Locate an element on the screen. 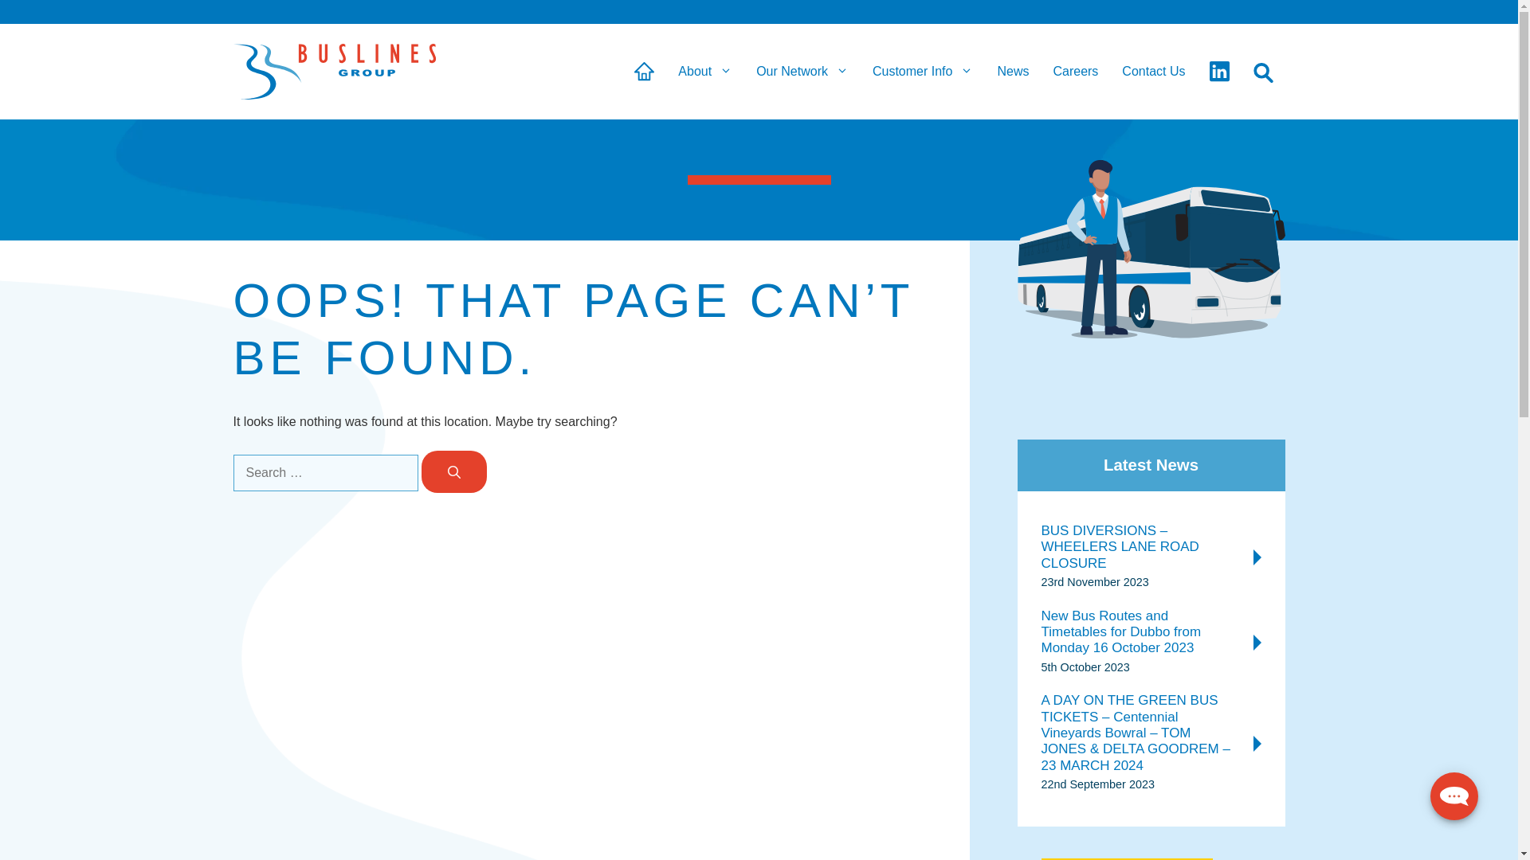 This screenshot has width=1530, height=860. 'Buslines Group' is located at coordinates (333, 70).